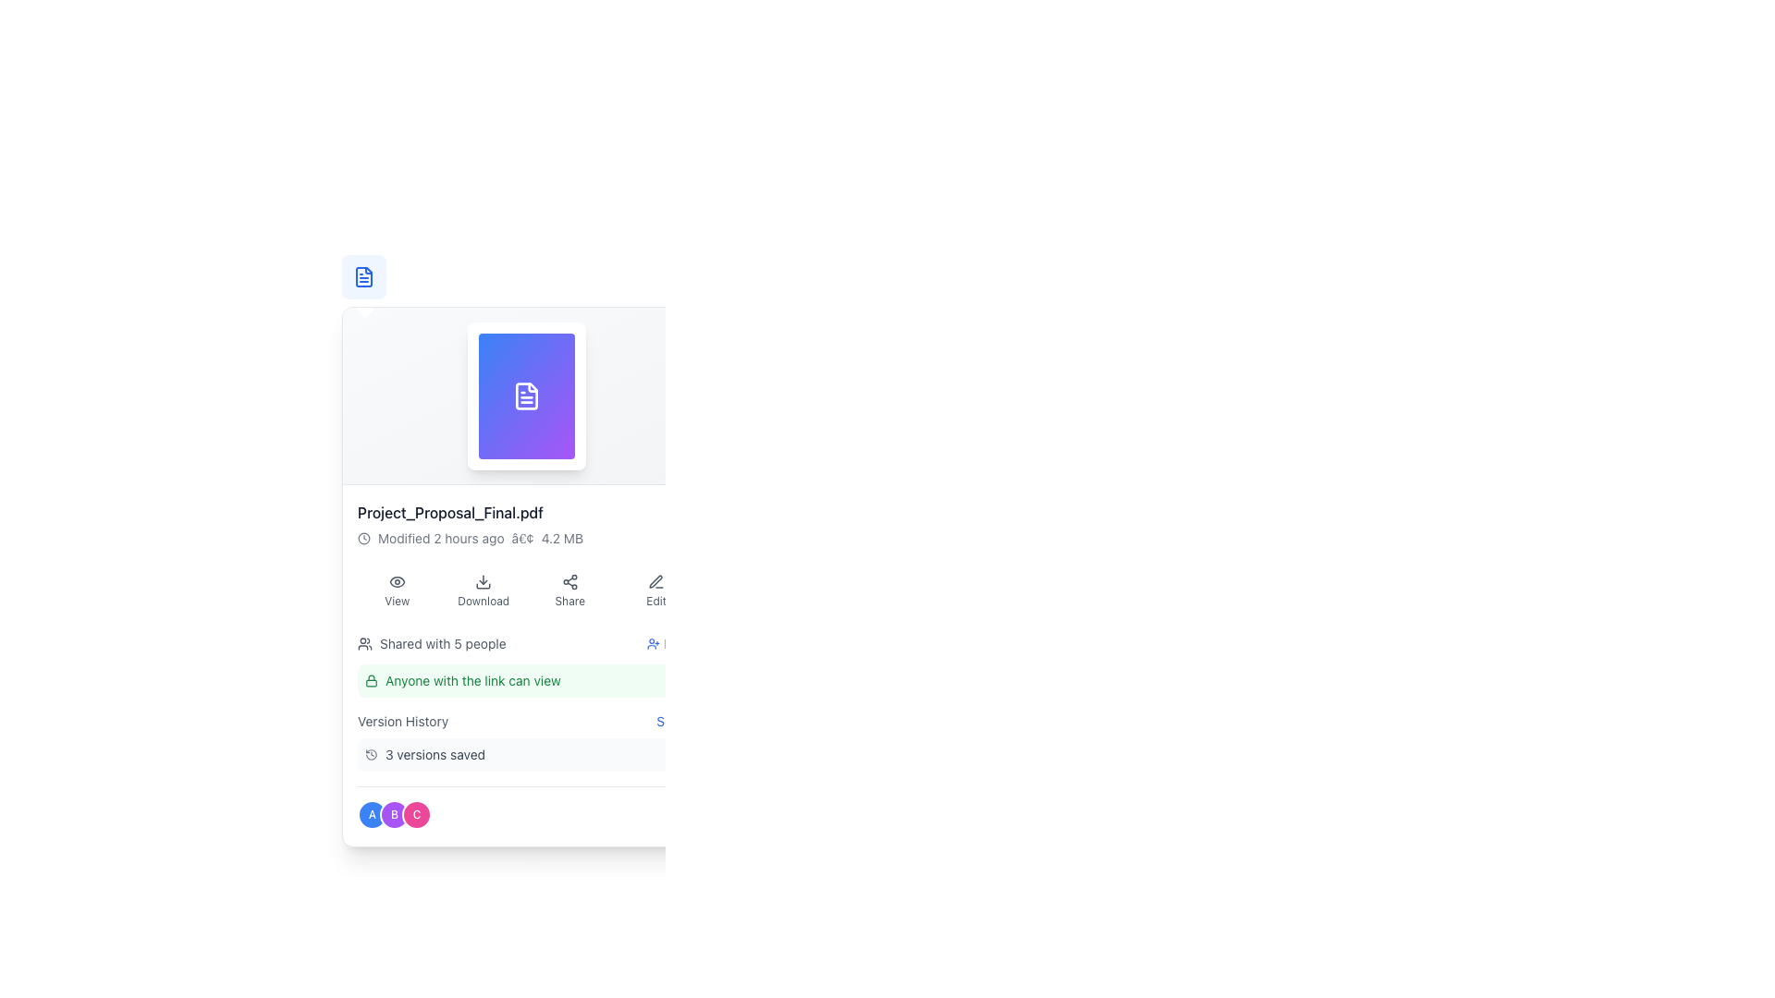  Describe the element at coordinates (521, 538) in the screenshot. I see `the bullet point styled in gray that serves as a separator between the 'Modified 2 hours ago' text and the '4.2 MB' label within the text description block` at that location.